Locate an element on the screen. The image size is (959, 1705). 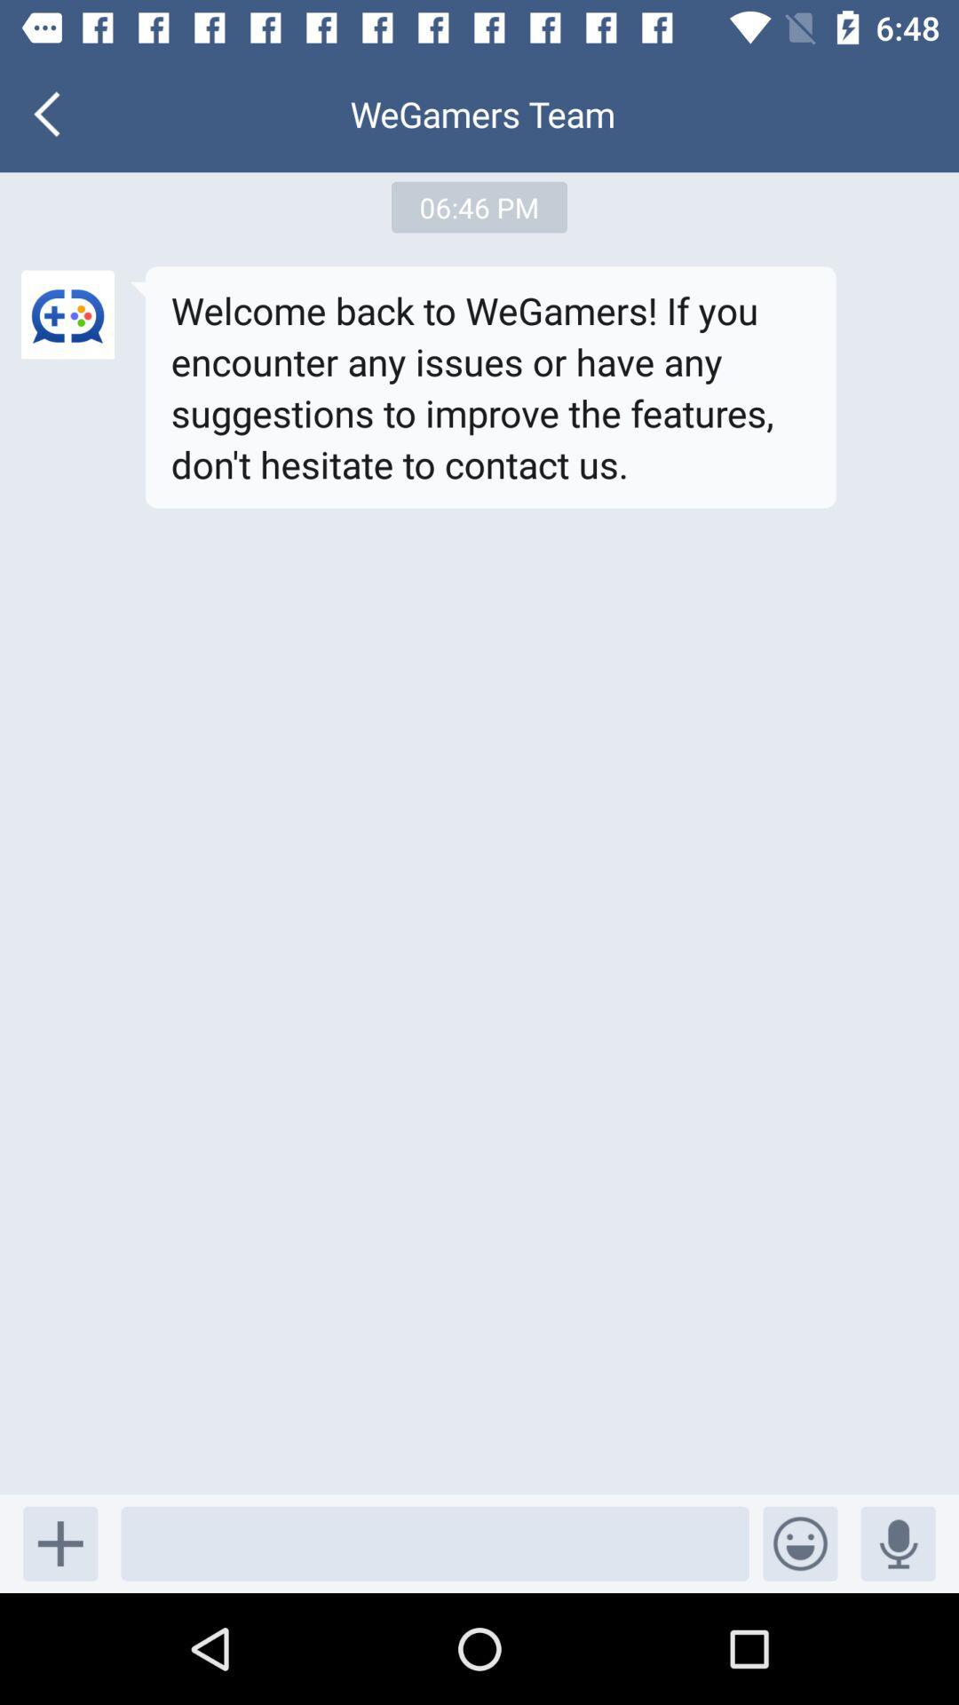
the add icon is located at coordinates (59, 1542).